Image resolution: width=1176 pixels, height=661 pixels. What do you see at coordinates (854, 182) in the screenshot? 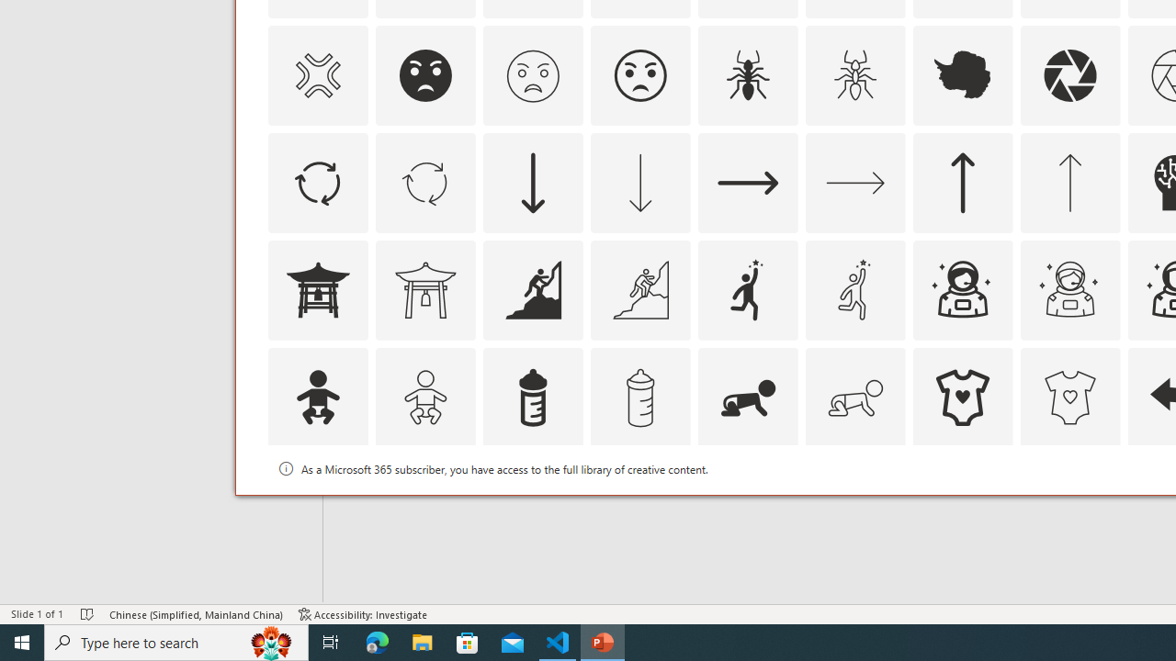
I see `'AutomationID: Icons_ArrowRight_M'` at bounding box center [854, 182].